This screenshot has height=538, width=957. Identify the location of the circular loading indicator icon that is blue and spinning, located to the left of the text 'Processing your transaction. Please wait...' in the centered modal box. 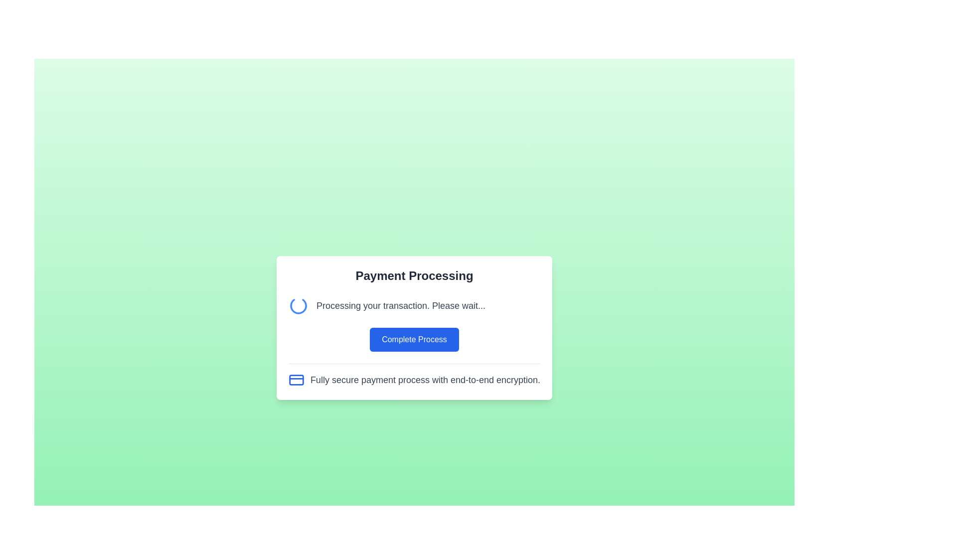
(298, 305).